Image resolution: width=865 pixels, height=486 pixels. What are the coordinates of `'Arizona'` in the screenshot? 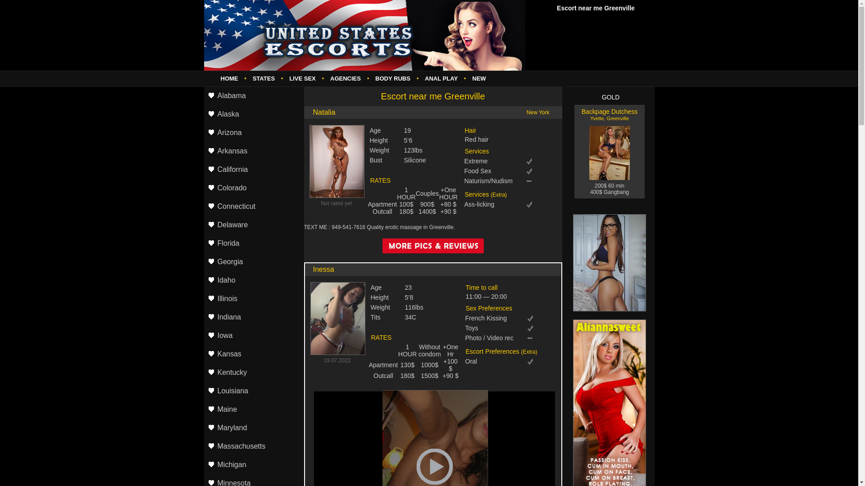 It's located at (252, 133).